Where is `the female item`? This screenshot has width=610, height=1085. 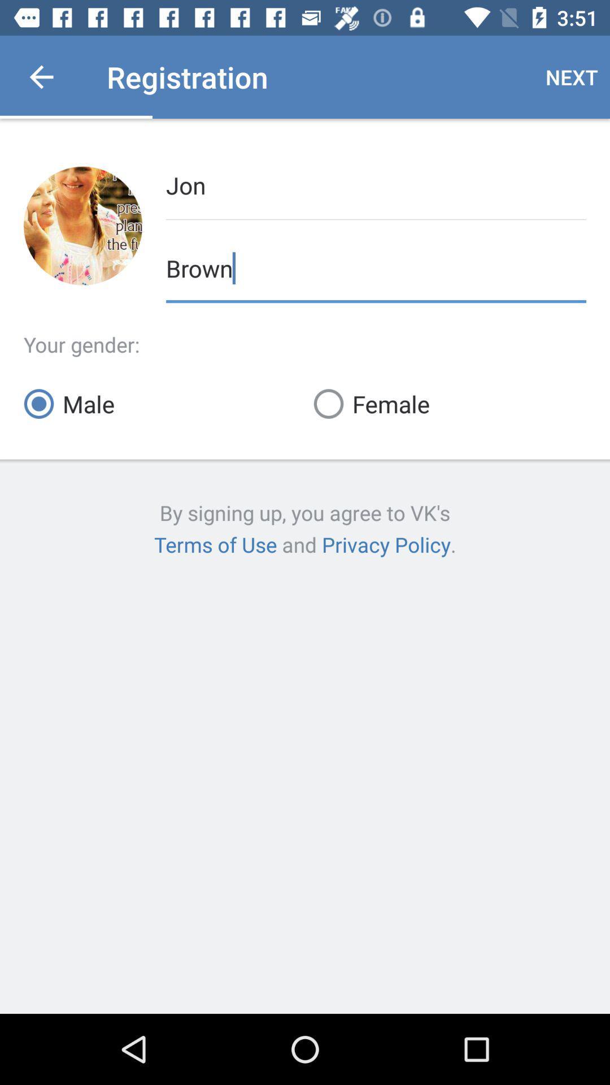 the female item is located at coordinates (449, 403).